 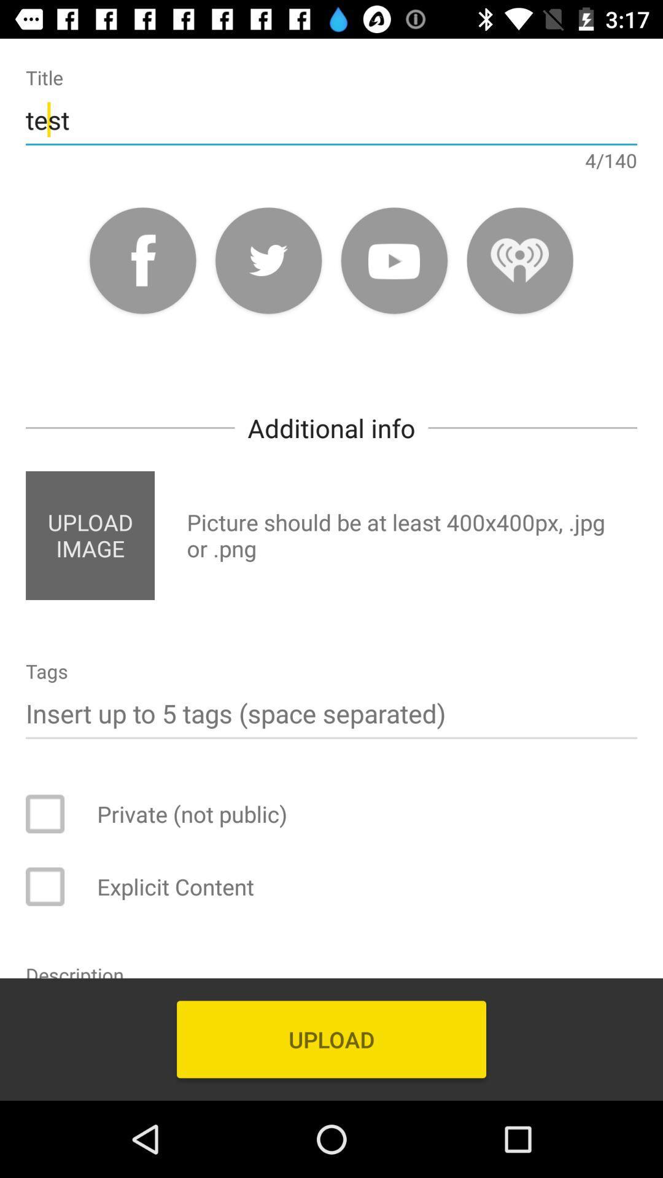 What do you see at coordinates (394, 260) in the screenshot?
I see `youtube link` at bounding box center [394, 260].